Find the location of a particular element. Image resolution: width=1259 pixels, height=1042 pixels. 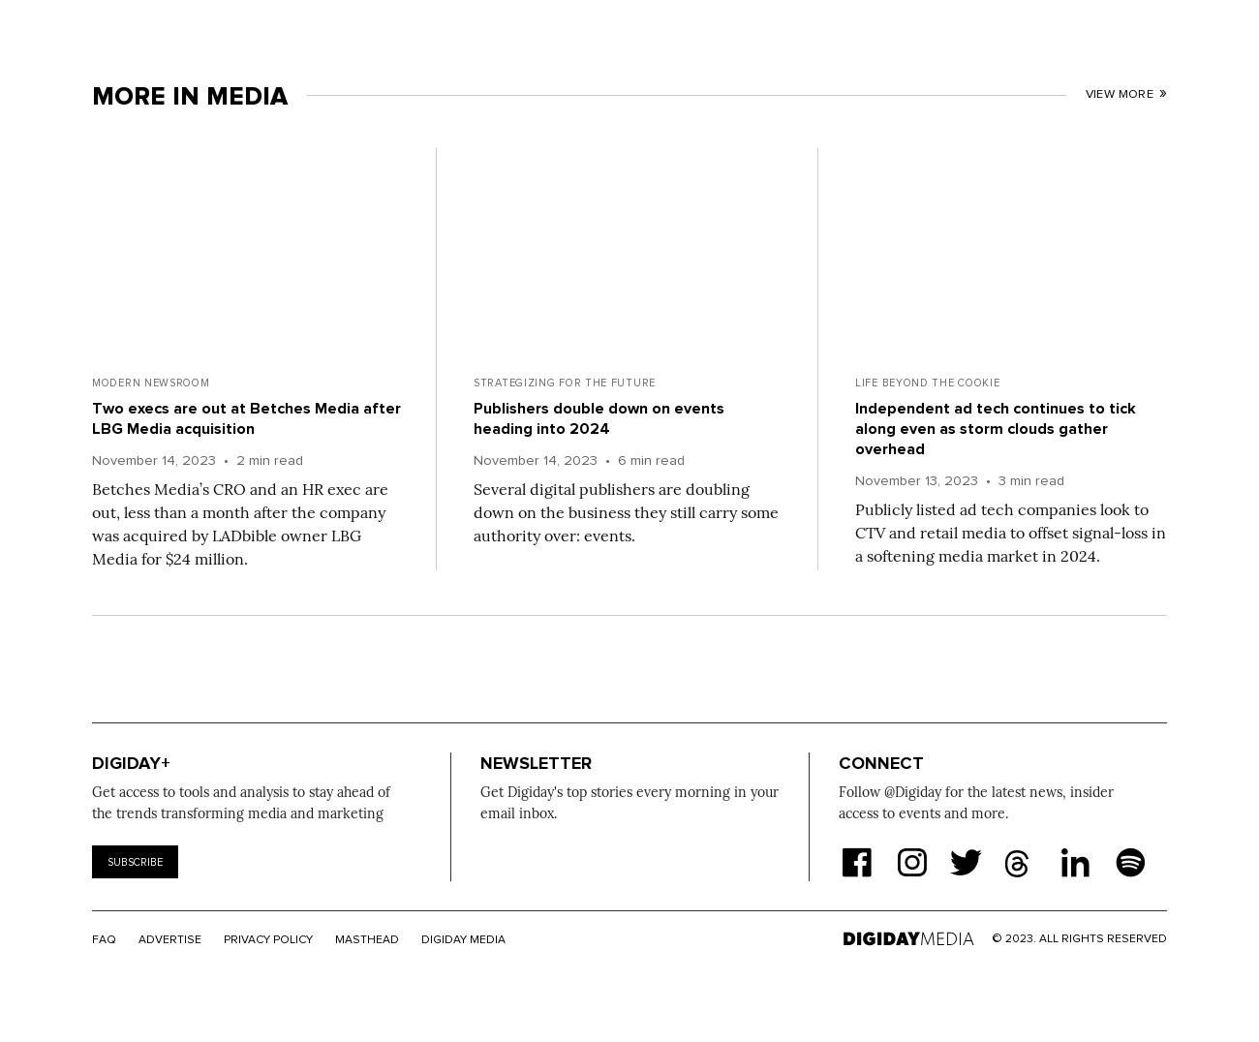

'November 14, 2023  •  6 min read' is located at coordinates (474, 460).